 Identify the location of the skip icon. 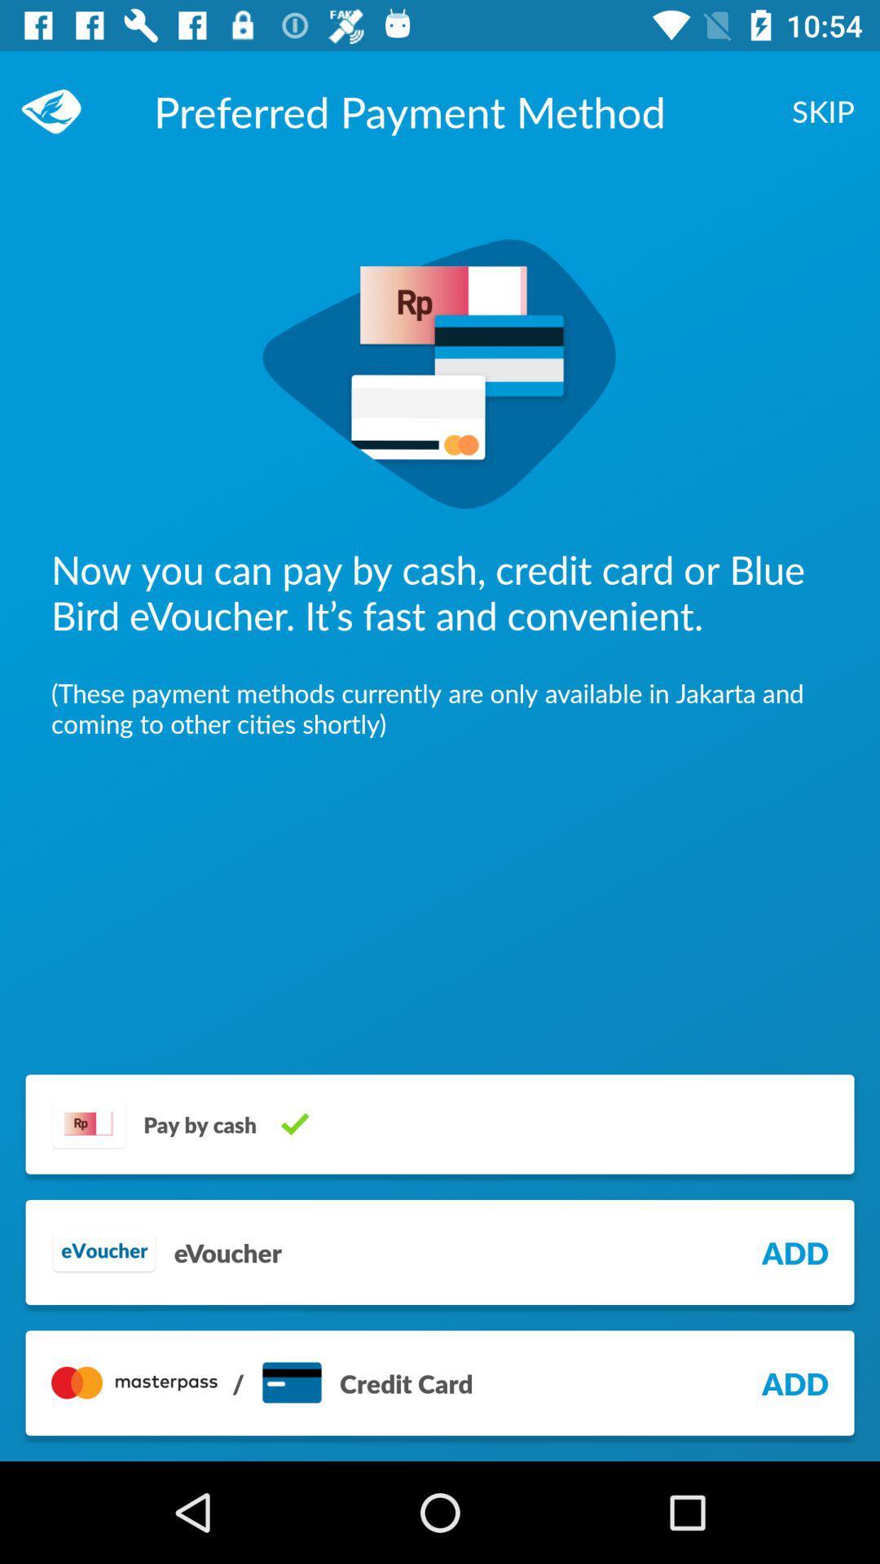
(823, 110).